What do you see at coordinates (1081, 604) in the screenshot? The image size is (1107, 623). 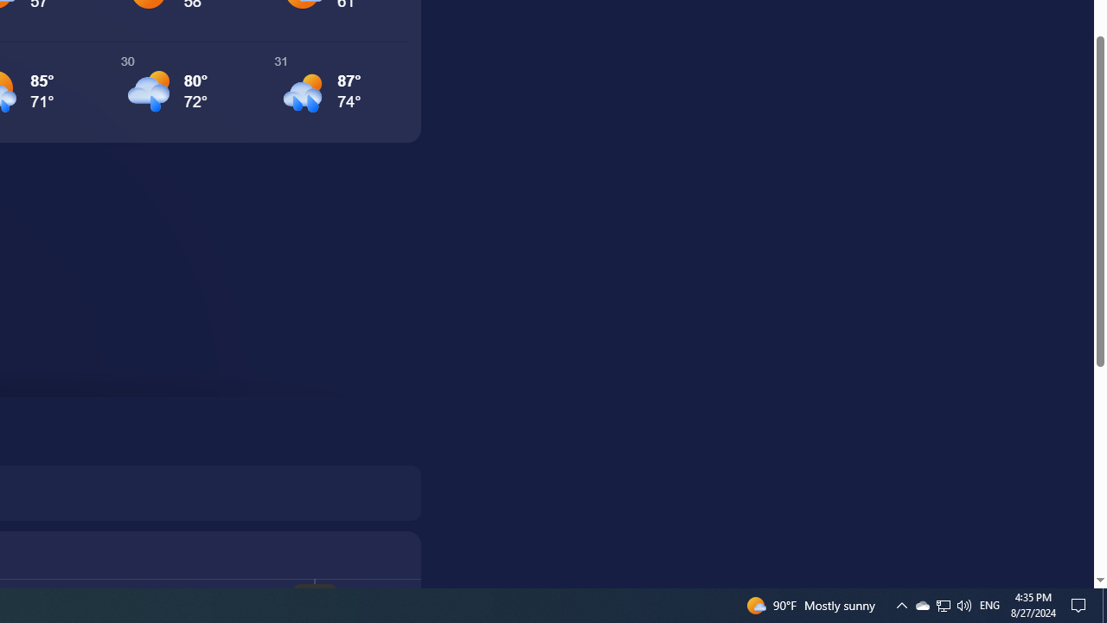 I see `'Action Center, No new notifications'` at bounding box center [1081, 604].